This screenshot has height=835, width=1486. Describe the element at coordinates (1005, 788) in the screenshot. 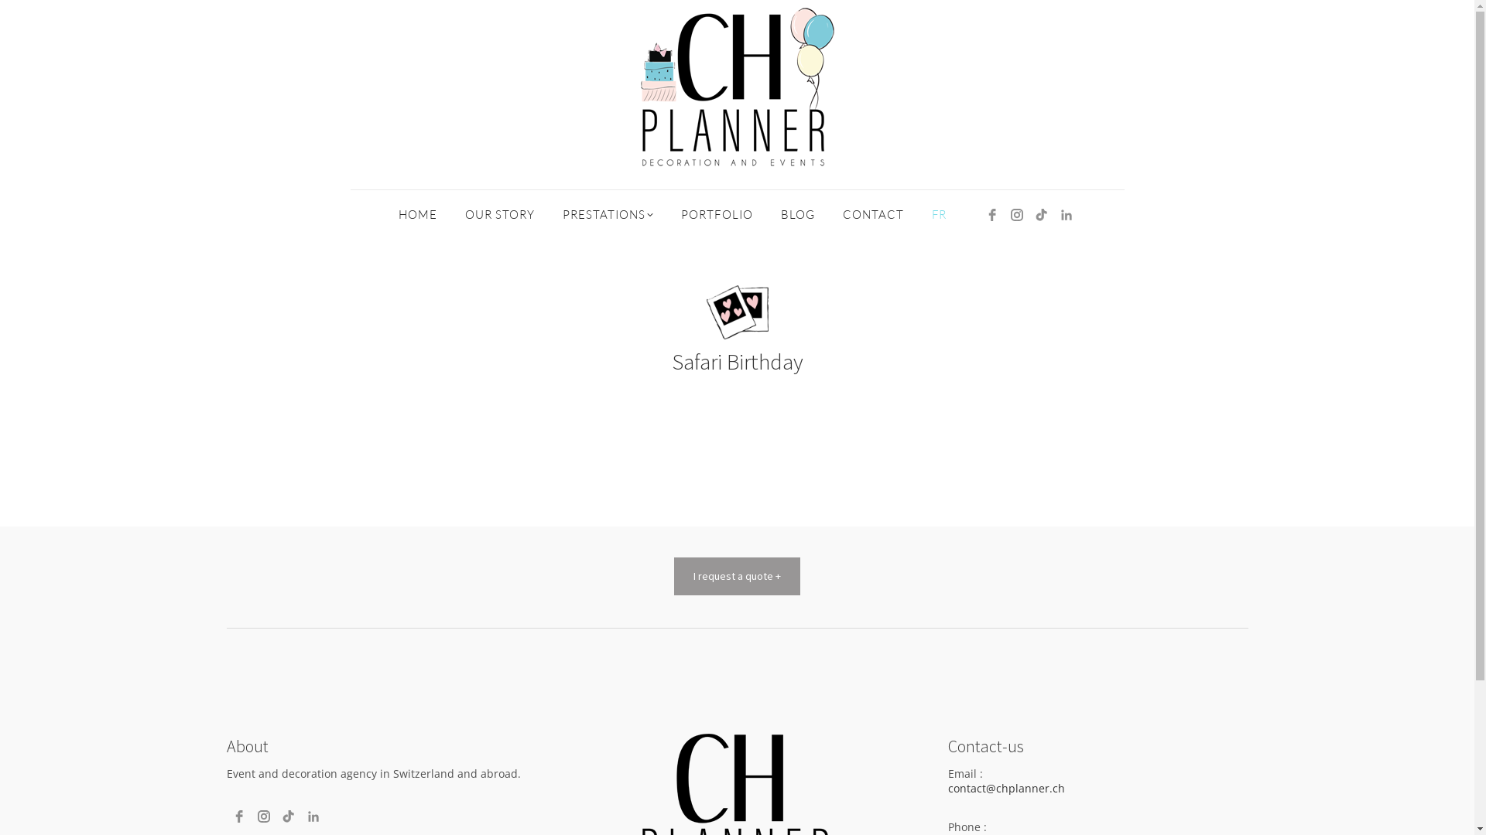

I see `'contact@chplanner.ch'` at that location.